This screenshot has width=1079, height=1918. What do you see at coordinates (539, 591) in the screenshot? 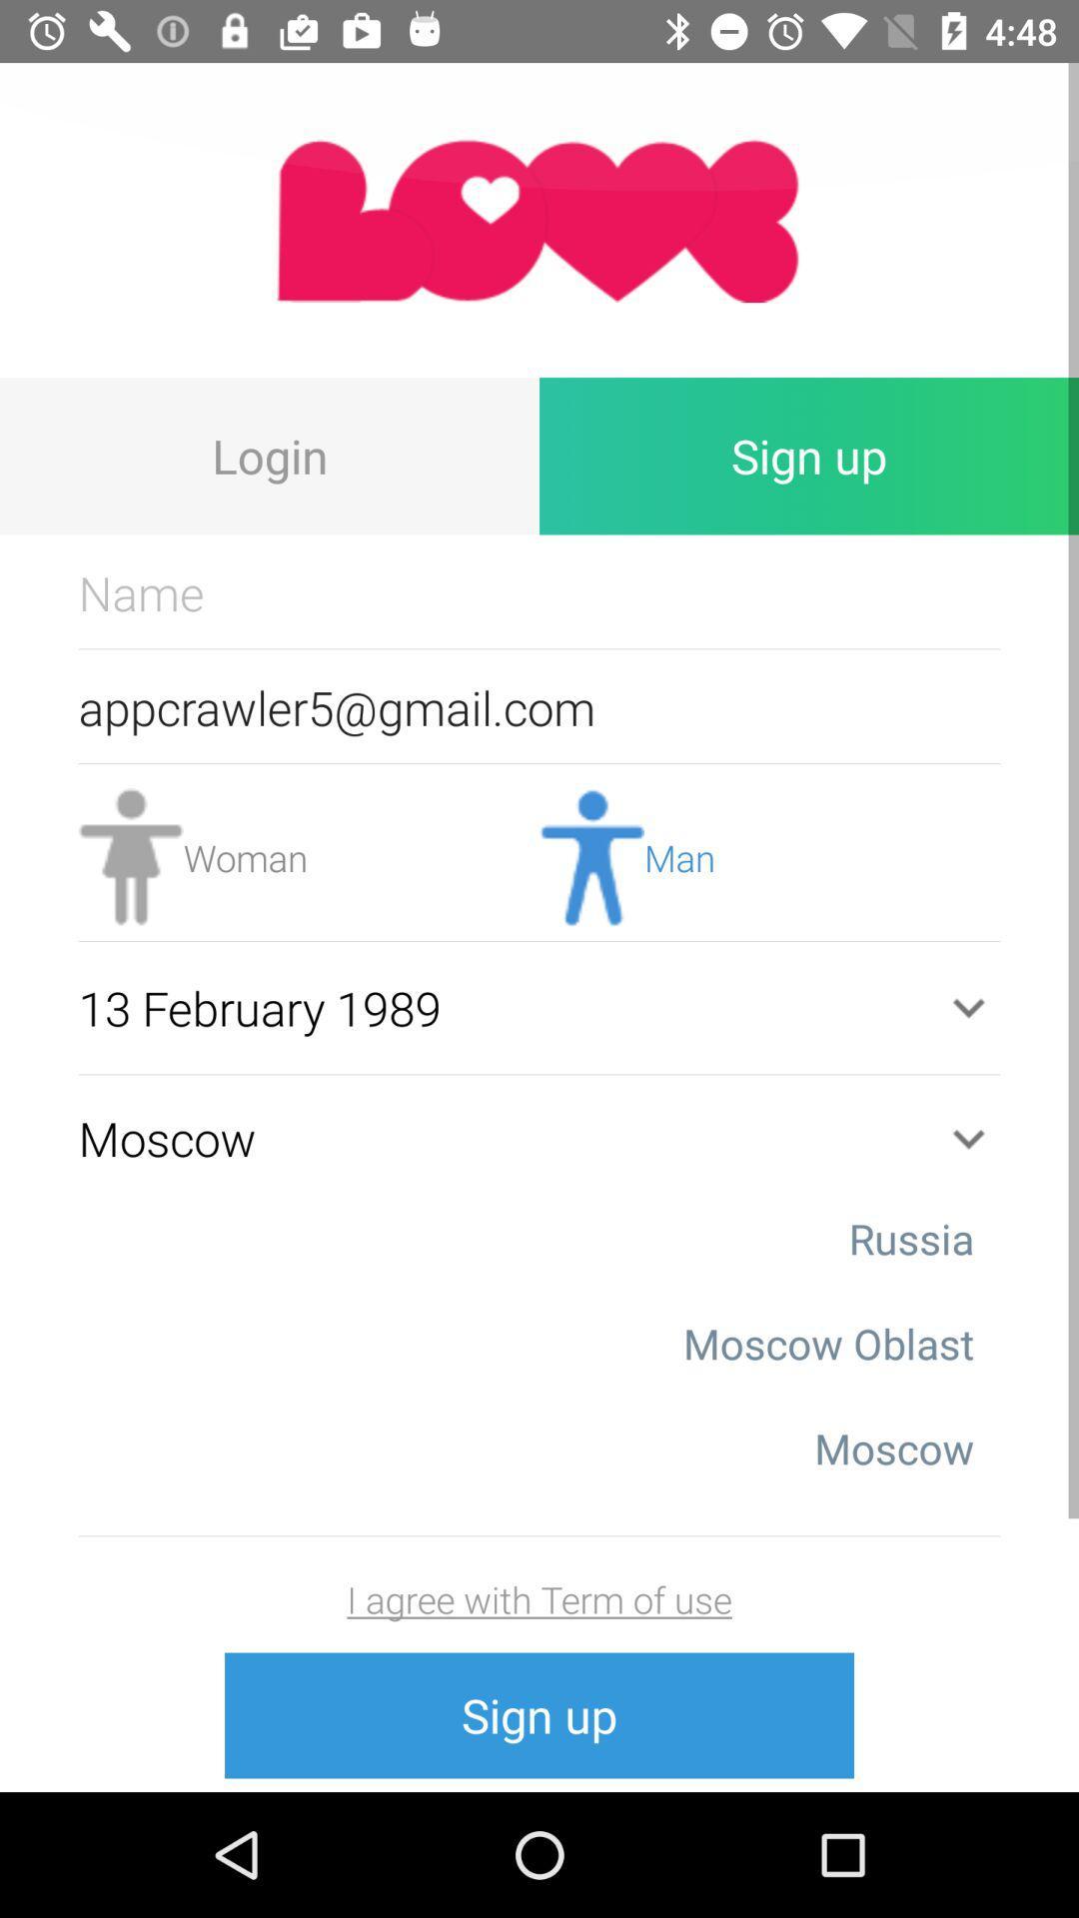
I see `name text box` at bounding box center [539, 591].